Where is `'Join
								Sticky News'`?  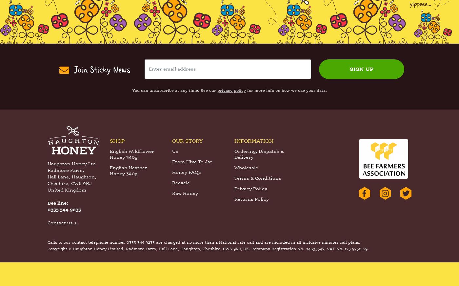
'Join
								Sticky News' is located at coordinates (71, 94).